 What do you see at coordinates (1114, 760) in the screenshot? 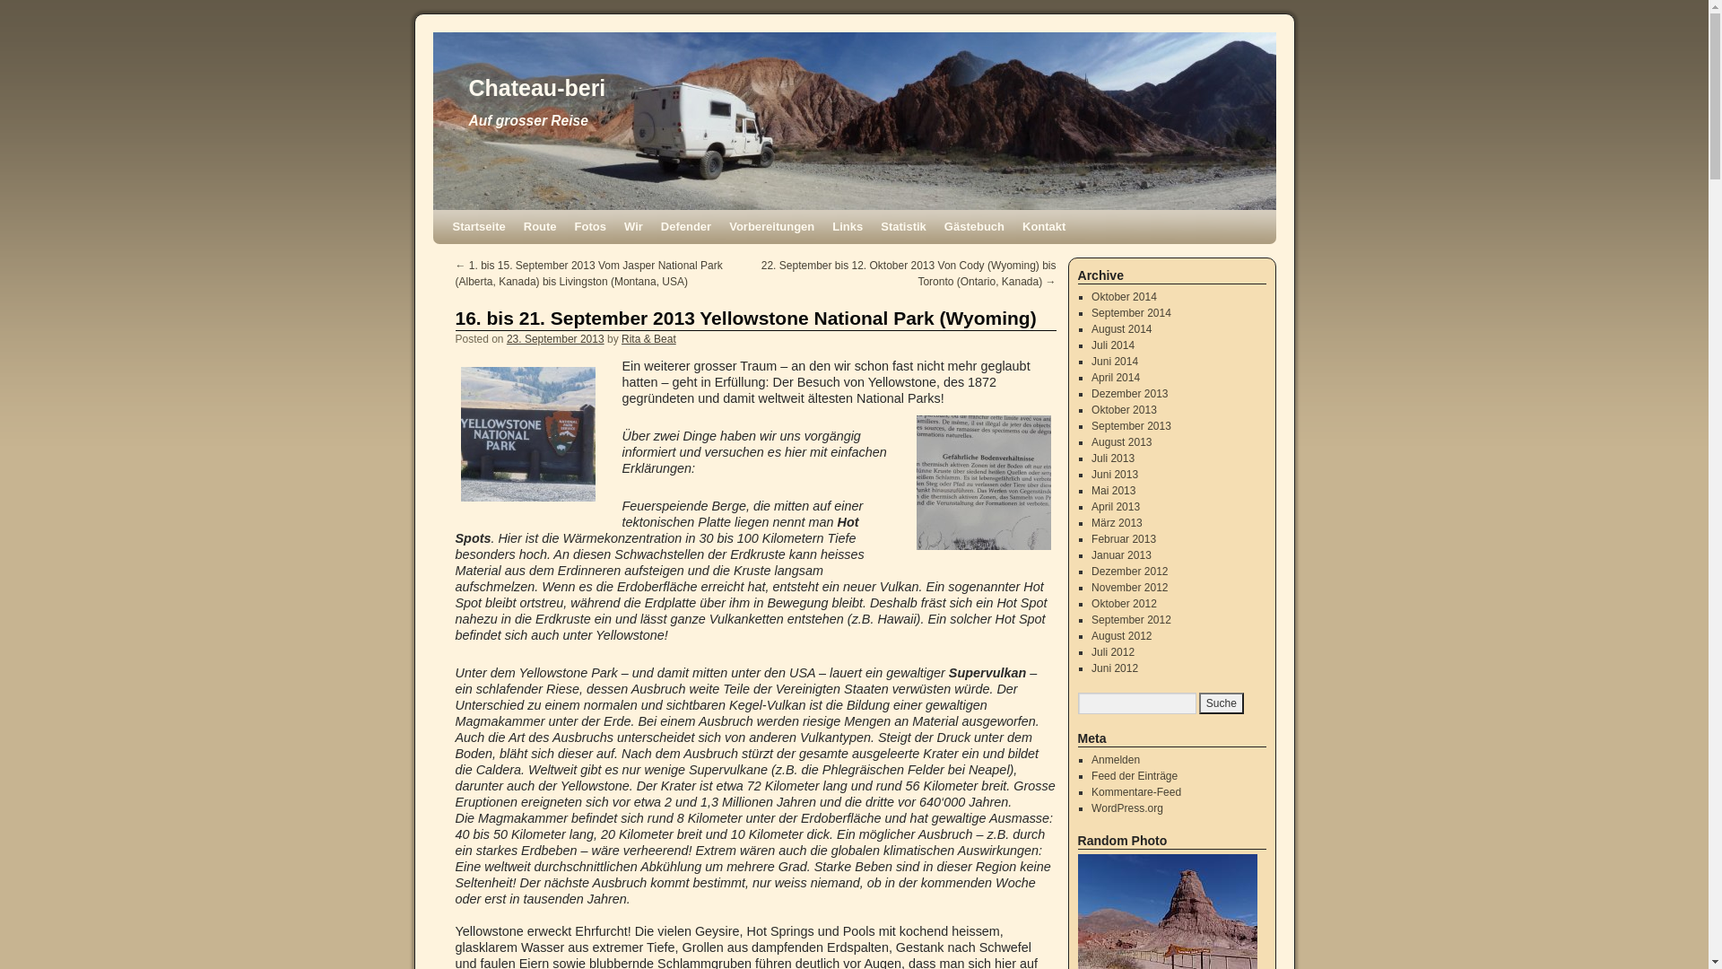
I see `'Anmelden'` at bounding box center [1114, 760].